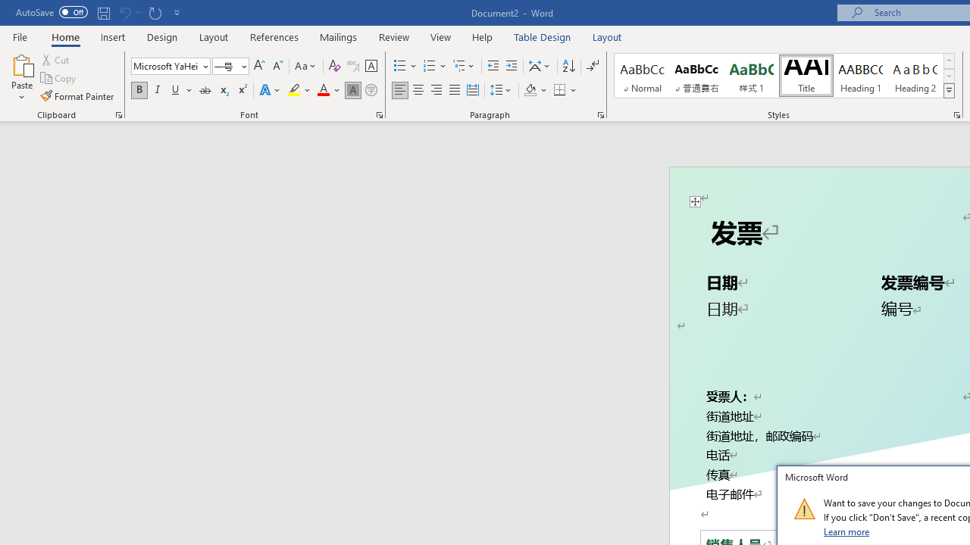  I want to click on 'Paste', so click(21, 64).